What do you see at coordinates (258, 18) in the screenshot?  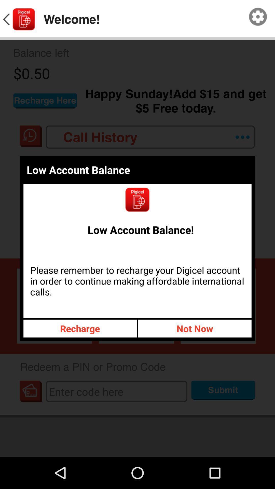 I see `the settings icon` at bounding box center [258, 18].